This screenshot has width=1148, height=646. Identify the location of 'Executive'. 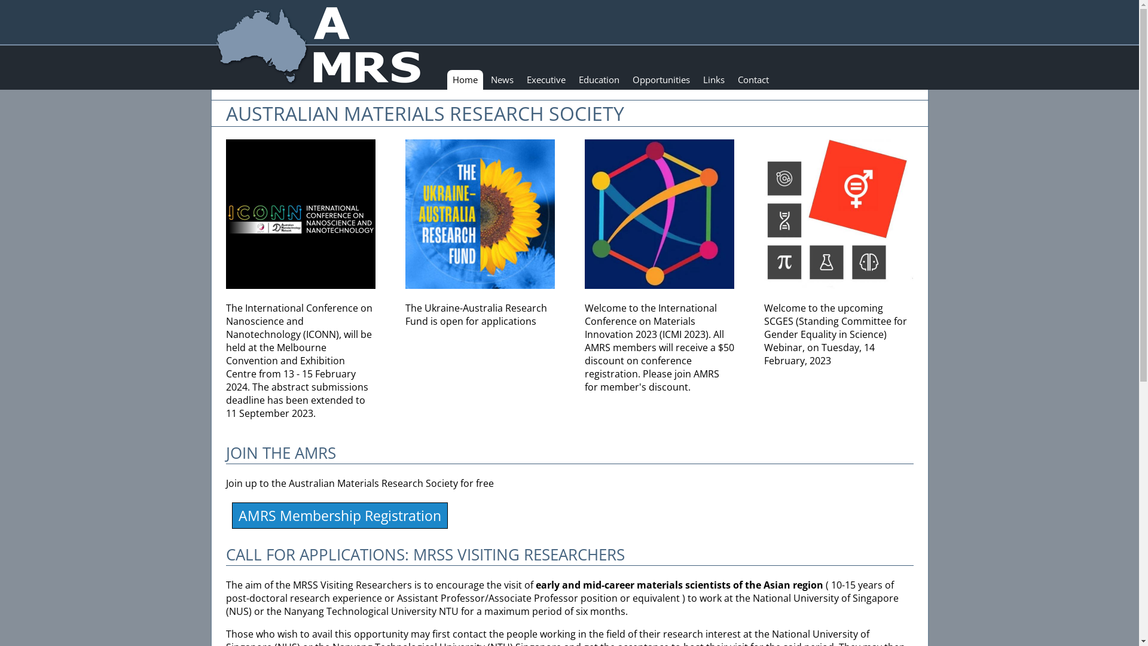
(545, 80).